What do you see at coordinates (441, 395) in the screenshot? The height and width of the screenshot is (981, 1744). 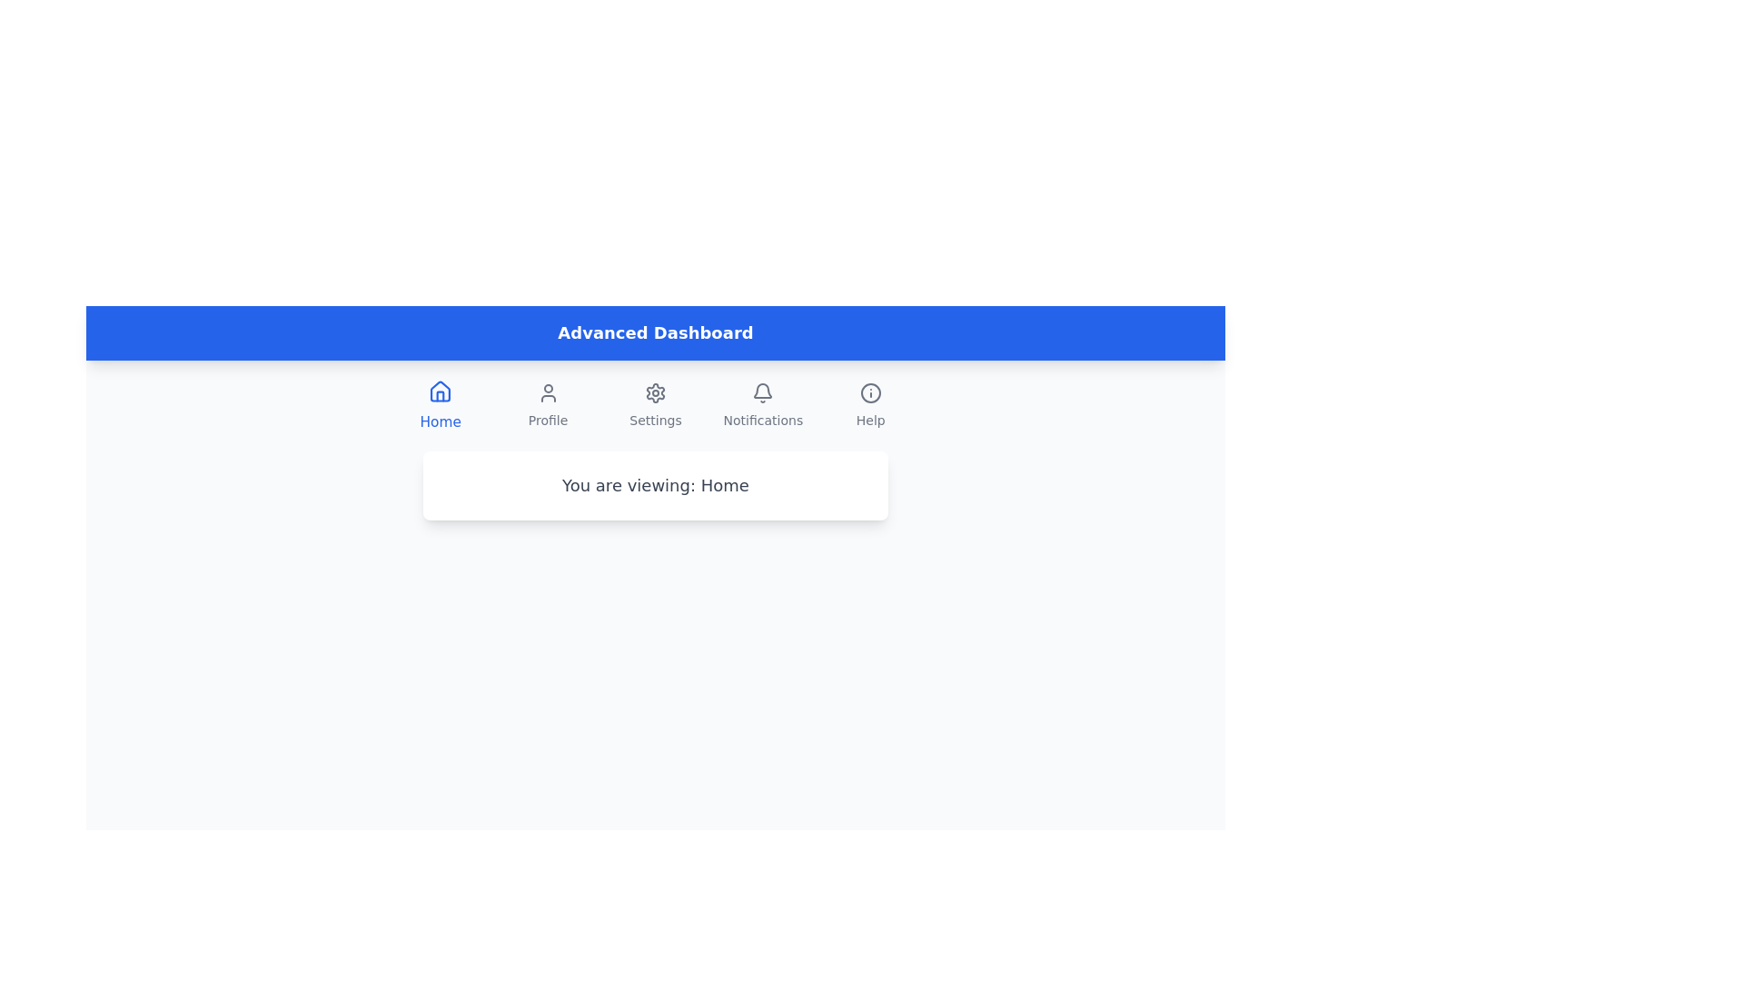 I see `the vertical line representing the door inside the house icon located at the top-left corner of the navigation bar` at bounding box center [441, 395].